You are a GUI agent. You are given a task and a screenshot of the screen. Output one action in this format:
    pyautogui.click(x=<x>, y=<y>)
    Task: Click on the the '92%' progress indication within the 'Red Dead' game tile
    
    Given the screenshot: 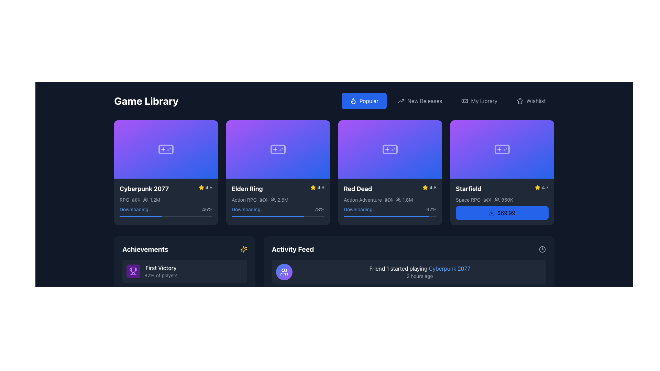 What is the action you would take?
    pyautogui.click(x=390, y=209)
    